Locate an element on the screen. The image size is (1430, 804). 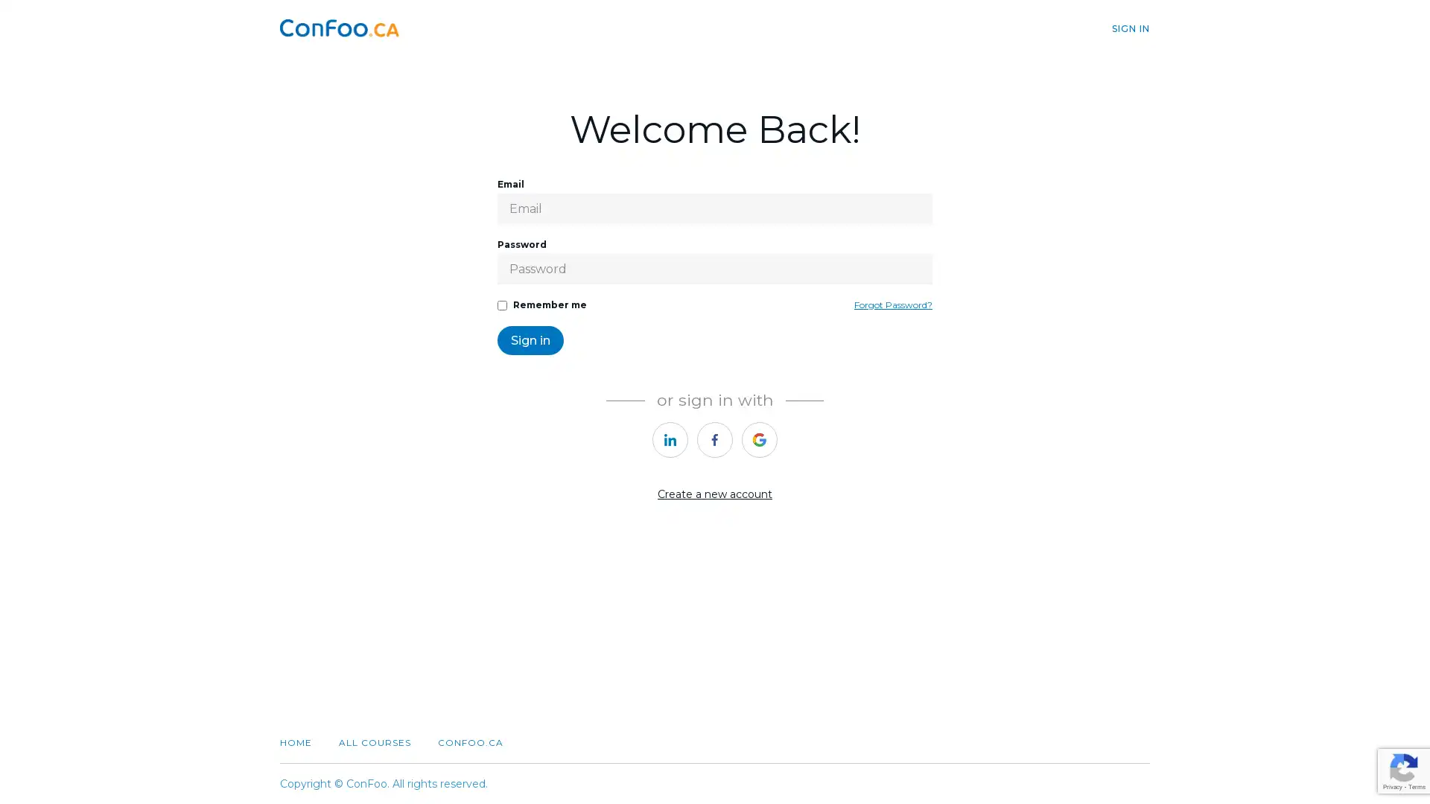
Sign in is located at coordinates (530, 340).